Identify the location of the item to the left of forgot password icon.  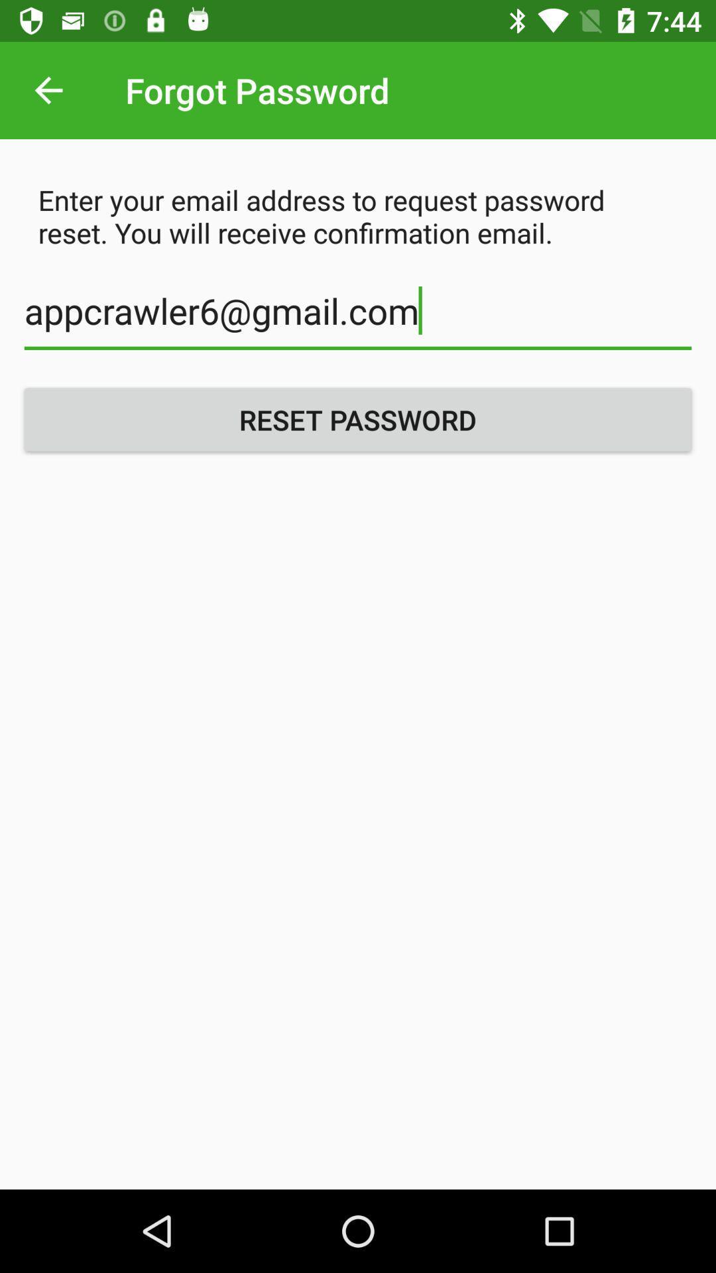
(48, 90).